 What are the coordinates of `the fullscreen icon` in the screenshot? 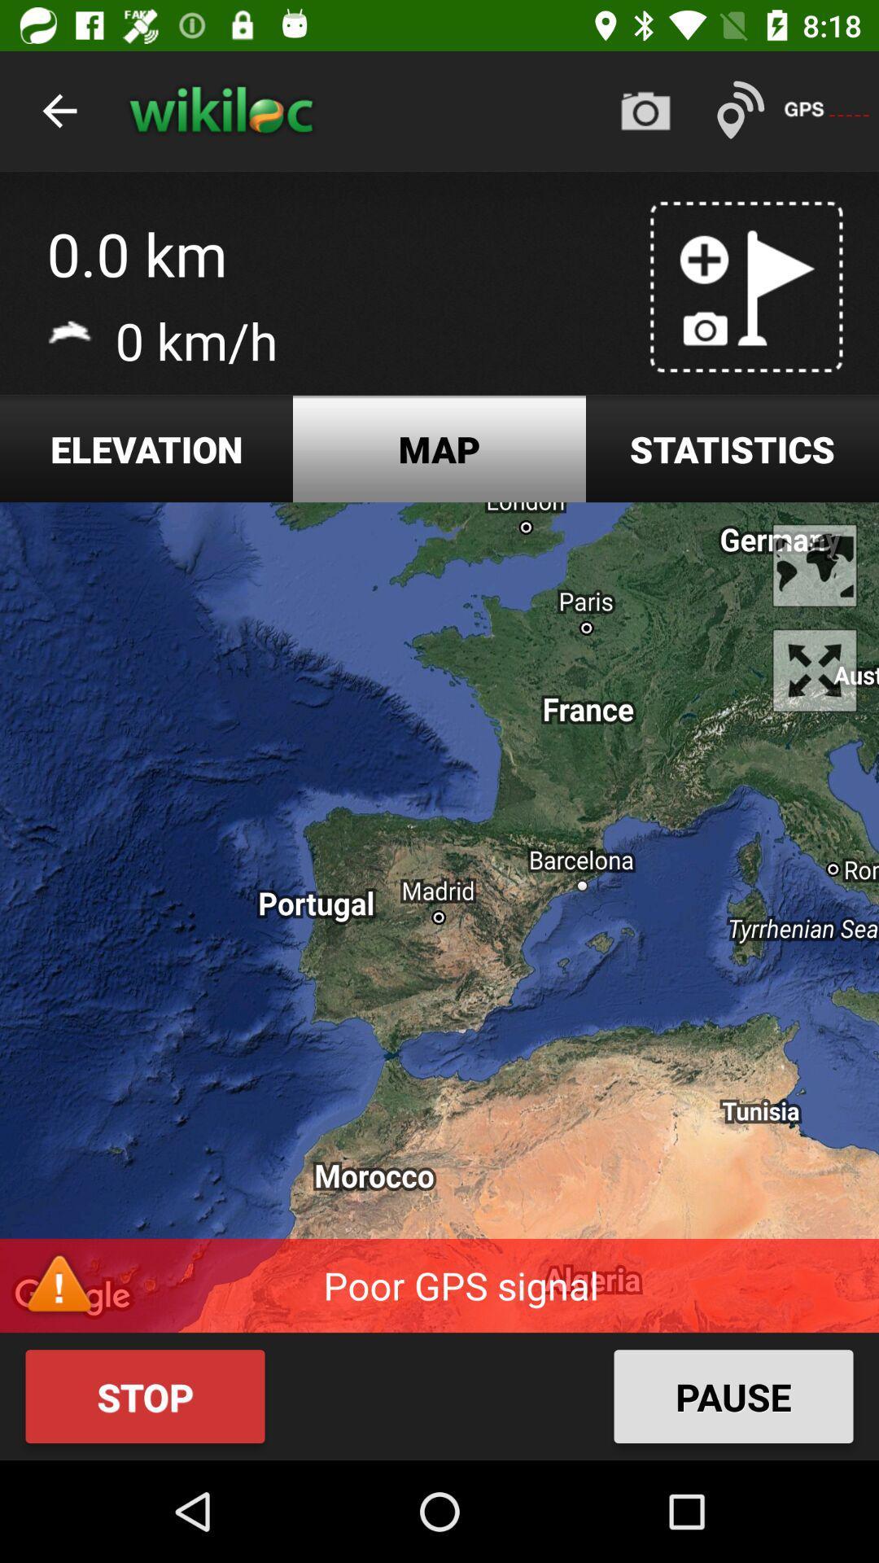 It's located at (815, 670).